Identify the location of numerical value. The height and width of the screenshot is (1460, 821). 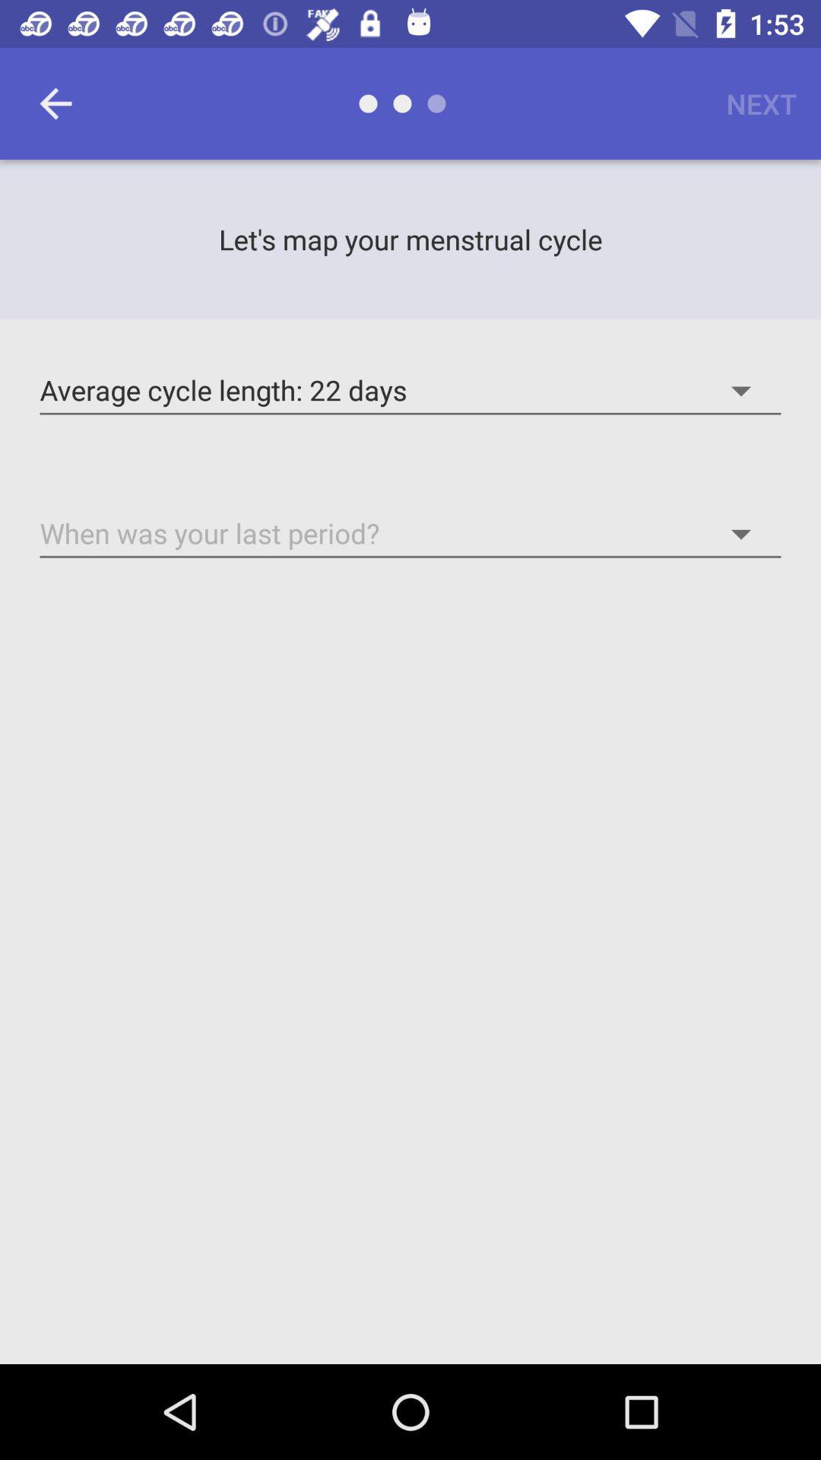
(410, 534).